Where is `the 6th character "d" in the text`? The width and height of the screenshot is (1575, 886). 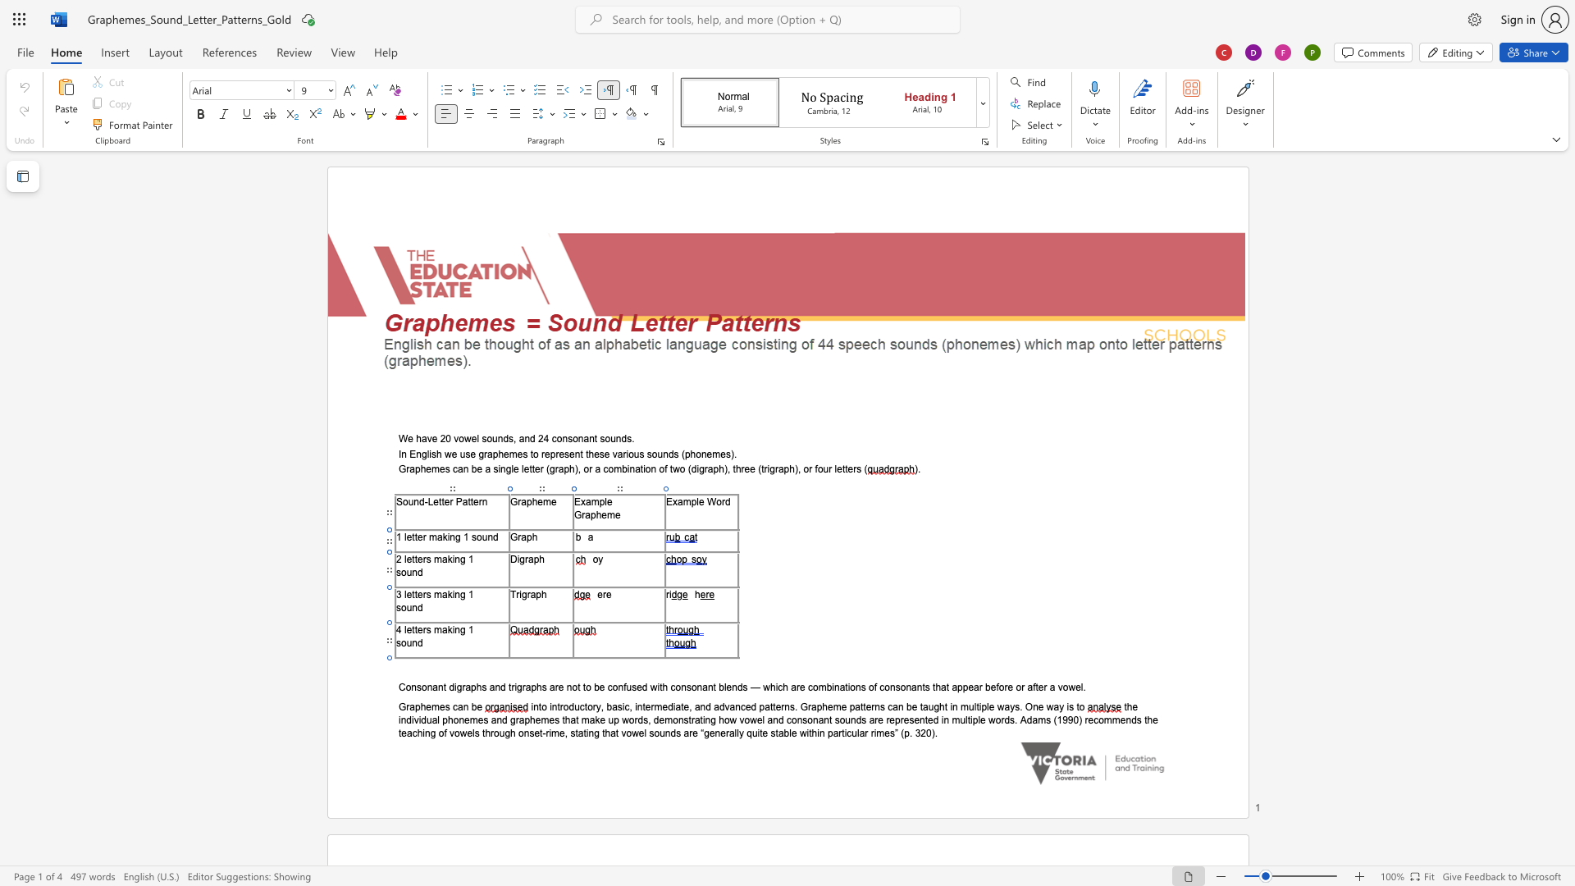
the 6th character "d" in the text is located at coordinates (1133, 719).